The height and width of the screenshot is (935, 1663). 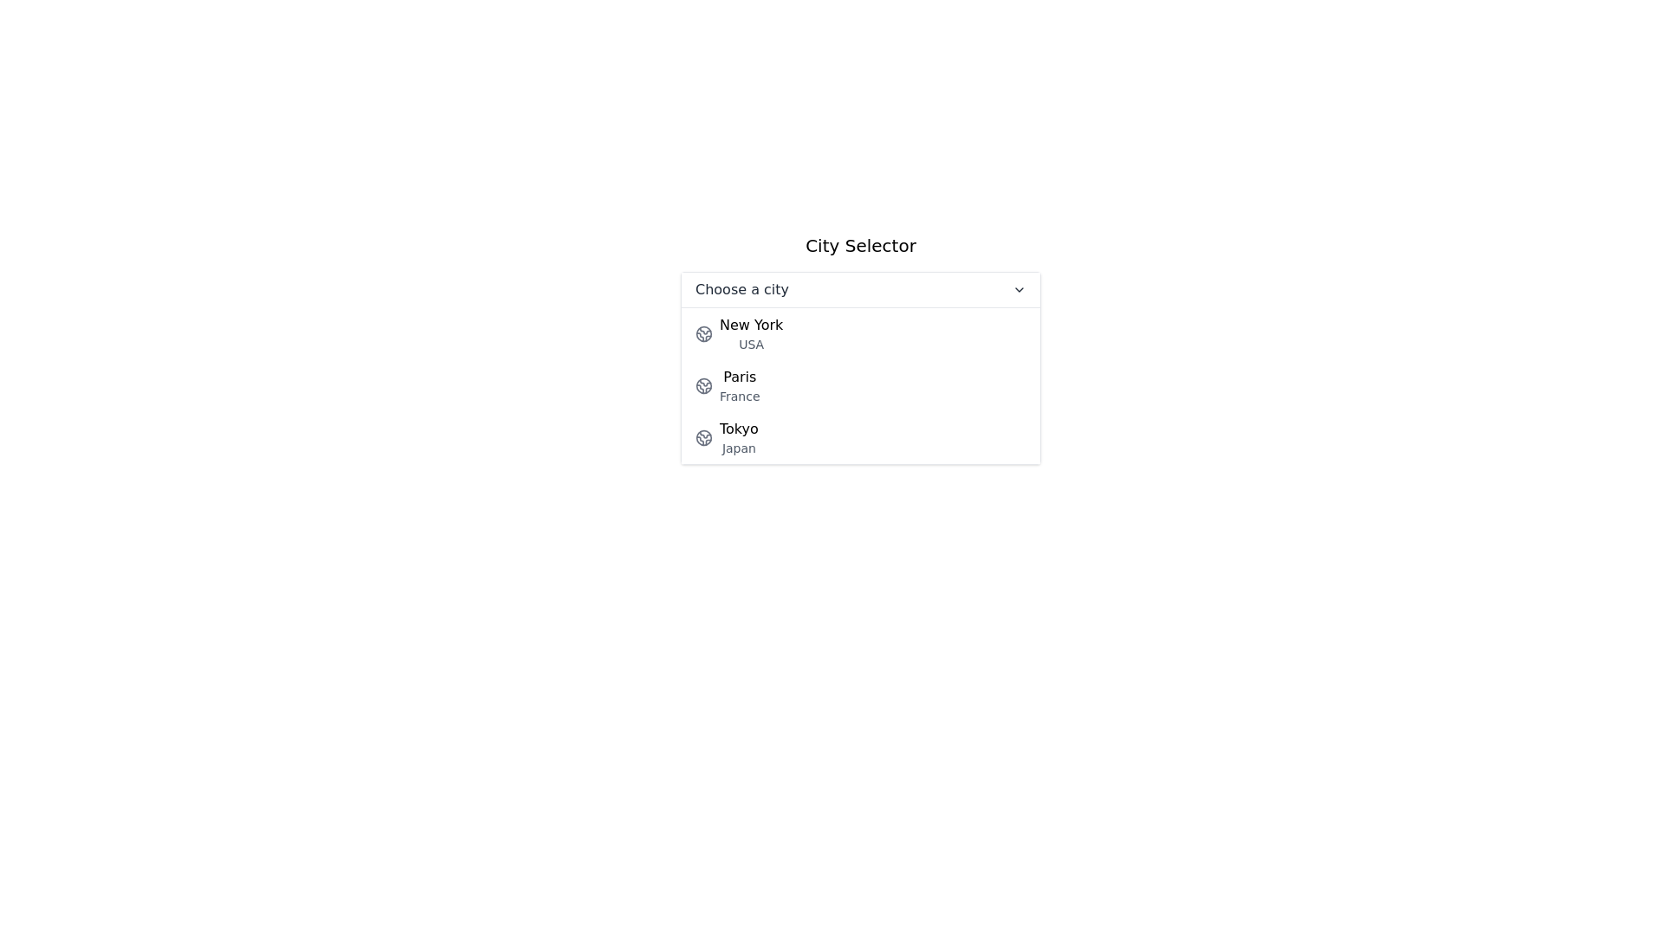 What do you see at coordinates (703, 333) in the screenshot?
I see `the decorative icon located to the left of the 'New York' label in the dropdown list` at bounding box center [703, 333].